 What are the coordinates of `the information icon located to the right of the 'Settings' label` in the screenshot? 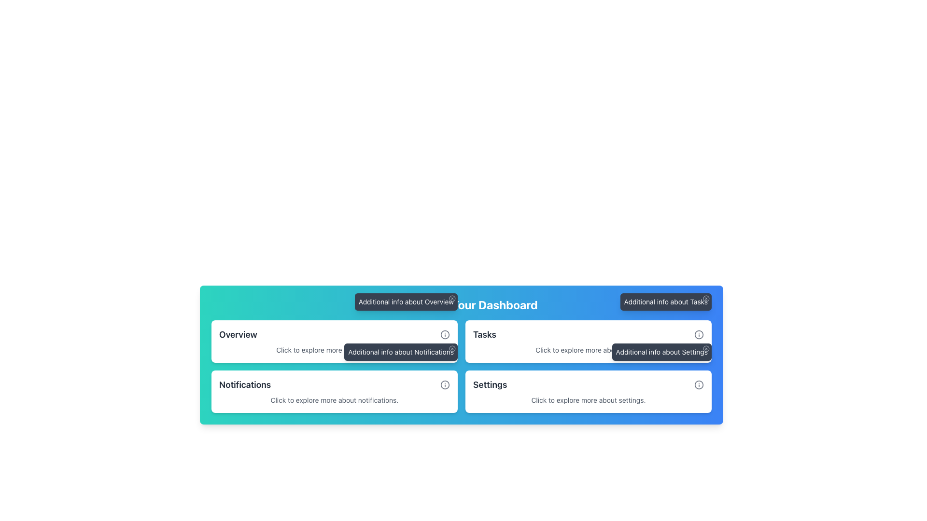 It's located at (699, 384).